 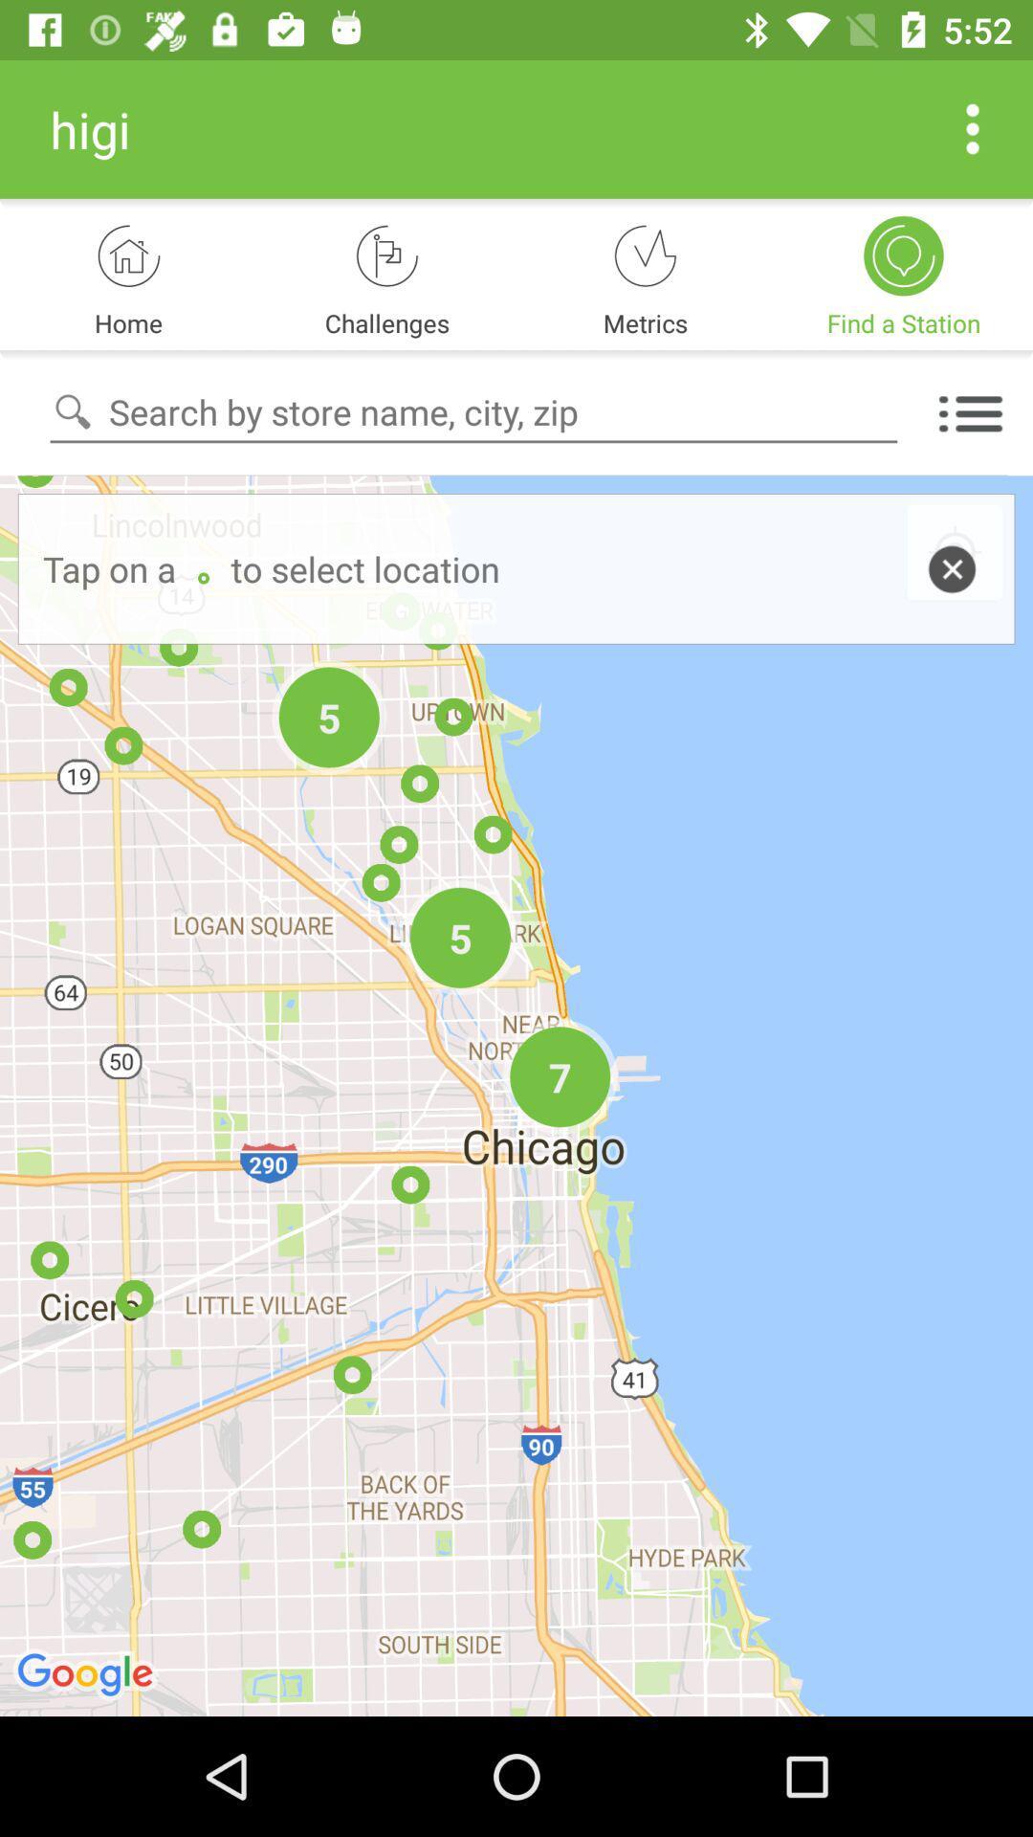 What do you see at coordinates (473, 412) in the screenshot?
I see `the search bar` at bounding box center [473, 412].